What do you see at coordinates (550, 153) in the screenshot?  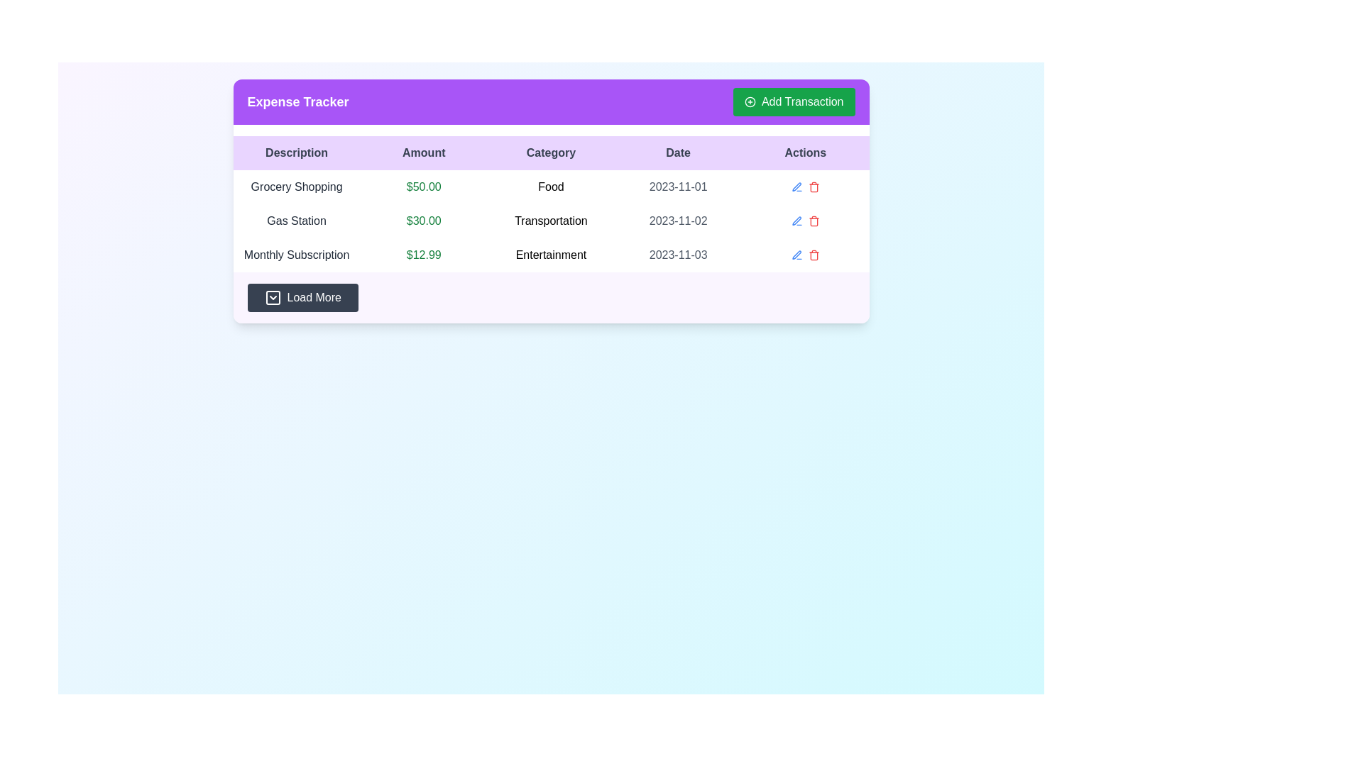 I see `the 'Category' text label, which is the third column header in the tabular interface, located between 'Amount' and 'Date'` at bounding box center [550, 153].